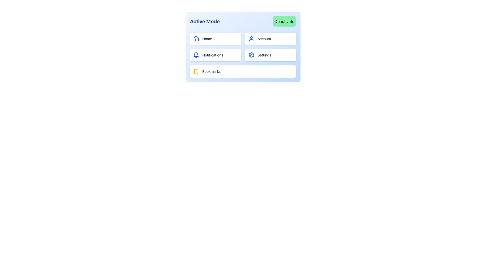 This screenshot has height=276, width=491. I want to click on the 'Notifications' button-like interactive card, which features a blue bell icon and is located in the second row of the grid layout, so click(216, 55).